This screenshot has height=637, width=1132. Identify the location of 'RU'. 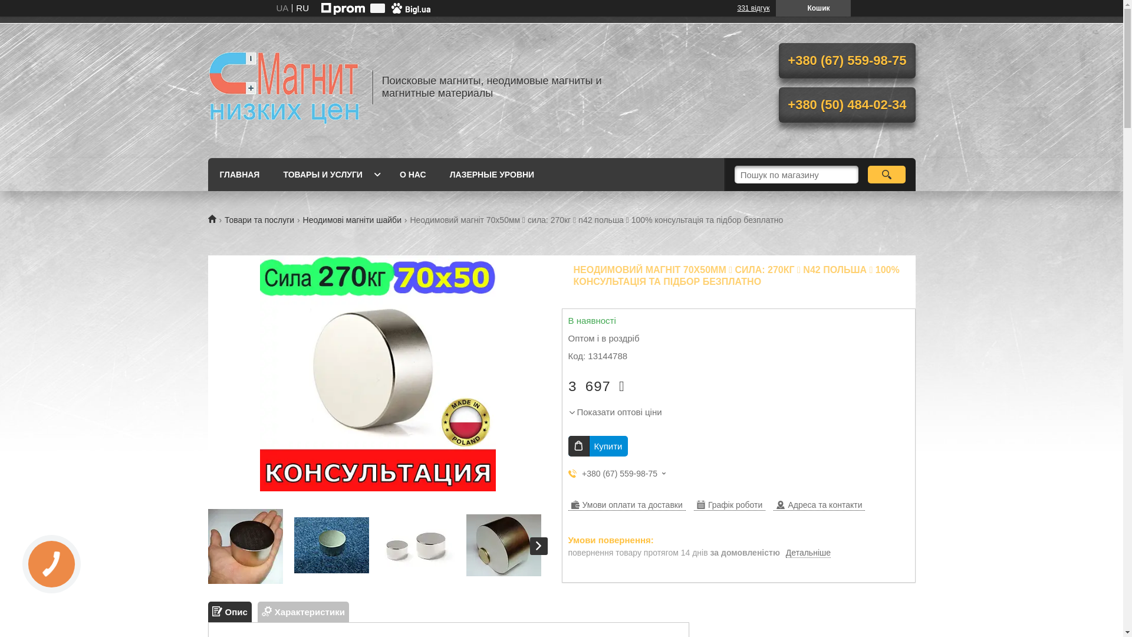
(302, 8).